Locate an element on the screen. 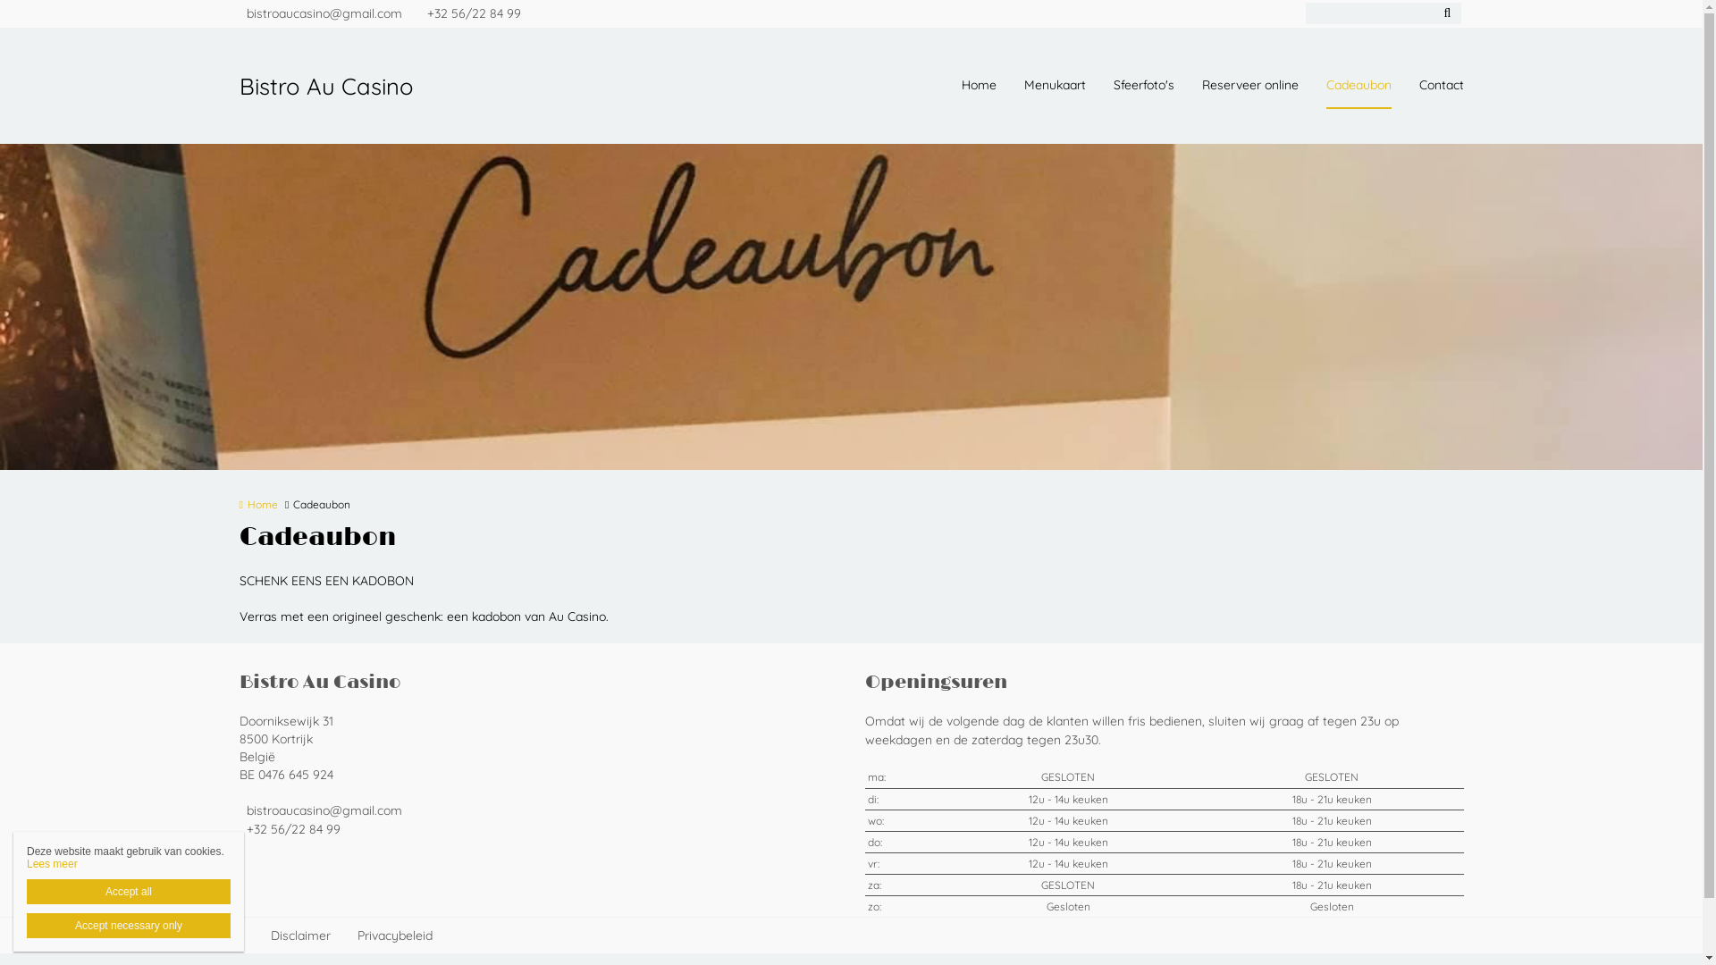 The height and width of the screenshot is (965, 1716). 'Accept all' is located at coordinates (26, 892).